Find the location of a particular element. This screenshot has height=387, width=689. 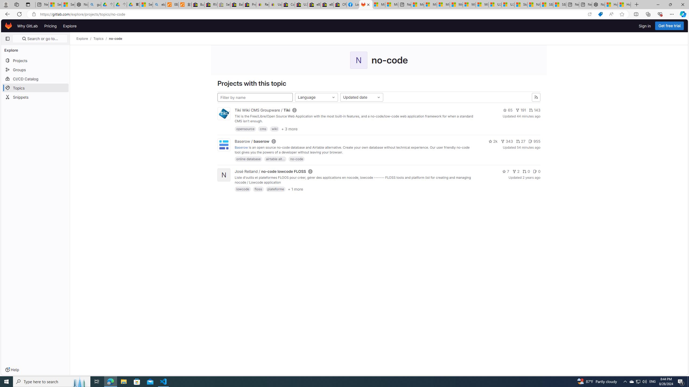

'lowcode' is located at coordinates (242, 189).